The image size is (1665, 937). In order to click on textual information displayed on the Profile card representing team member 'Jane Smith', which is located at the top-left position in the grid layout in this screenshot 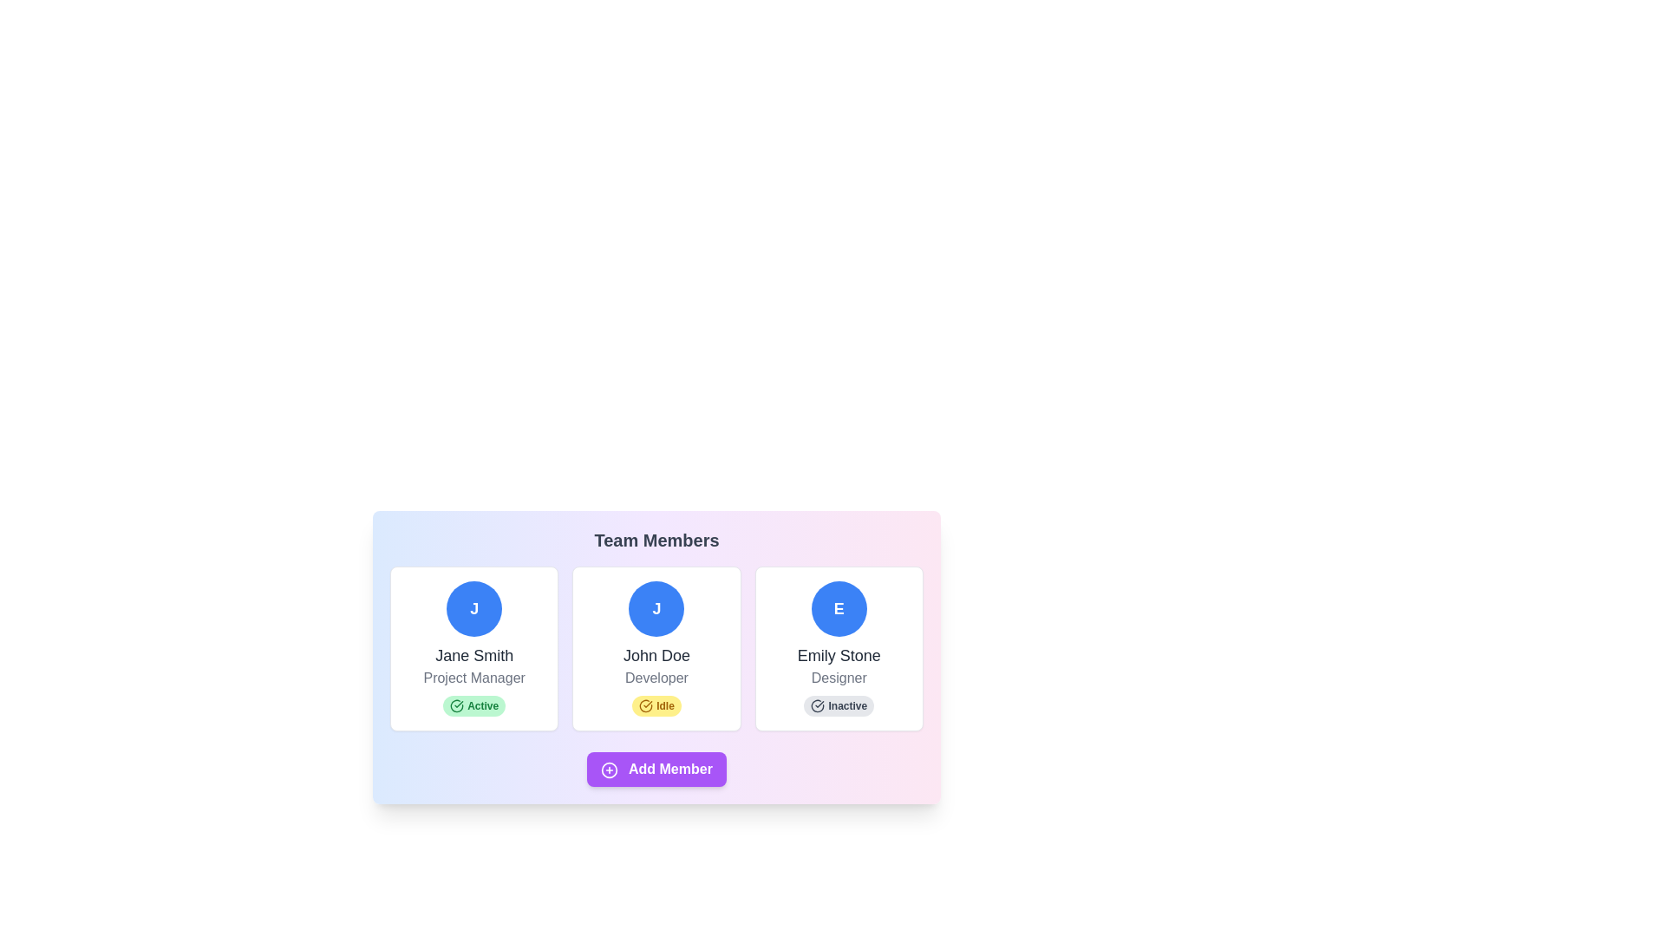, I will do `click(474, 649)`.